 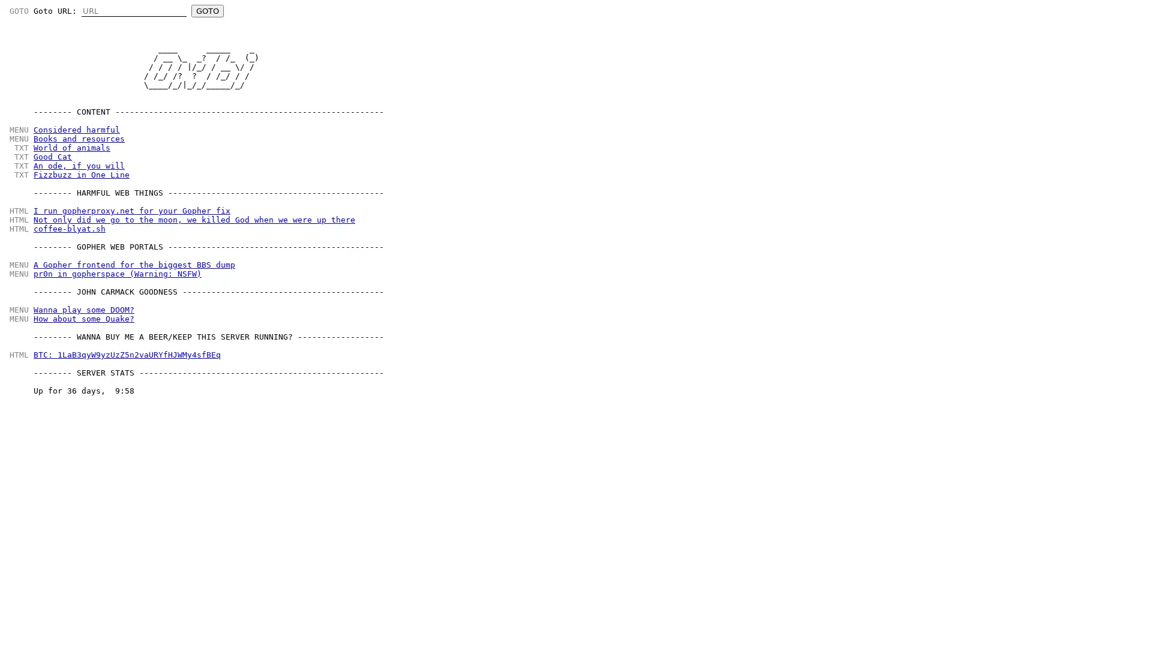 I want to click on GOTO, so click(x=207, y=11).